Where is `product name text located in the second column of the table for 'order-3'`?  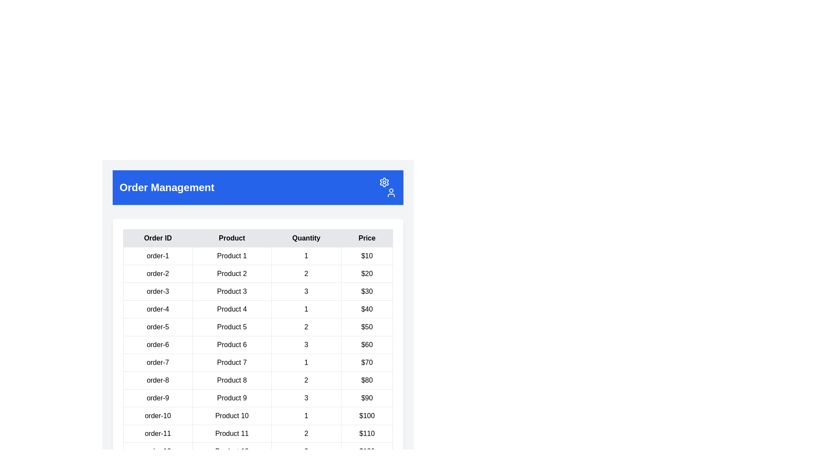 product name text located in the second column of the table for 'order-3' is located at coordinates (232, 291).